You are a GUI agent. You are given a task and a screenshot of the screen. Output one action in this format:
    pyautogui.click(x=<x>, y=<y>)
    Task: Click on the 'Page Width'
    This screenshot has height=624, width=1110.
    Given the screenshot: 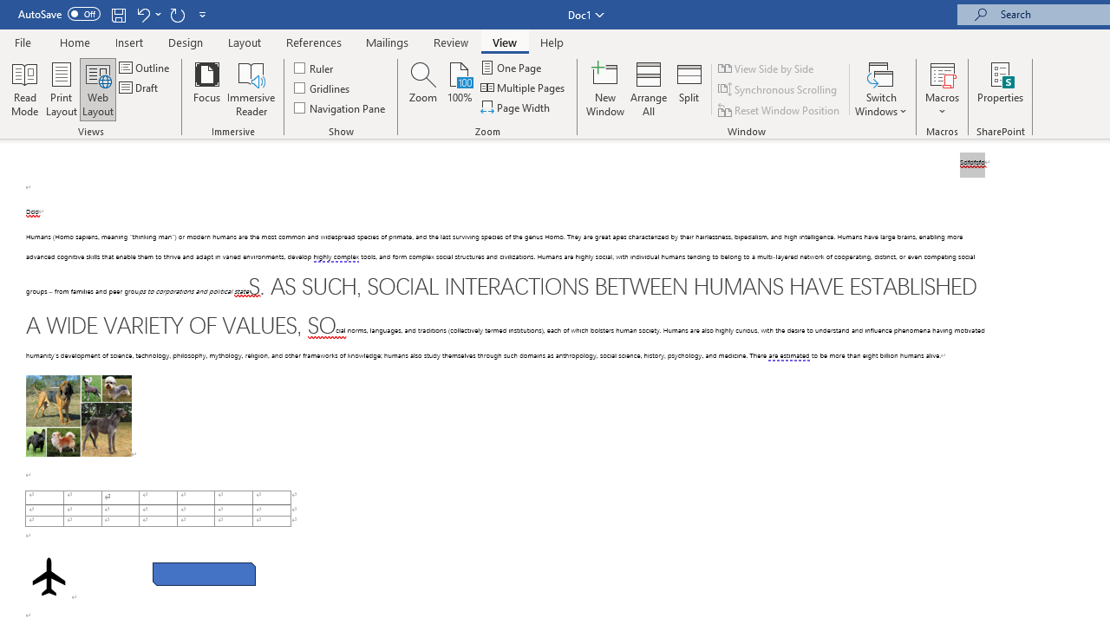 What is the action you would take?
    pyautogui.click(x=515, y=107)
    